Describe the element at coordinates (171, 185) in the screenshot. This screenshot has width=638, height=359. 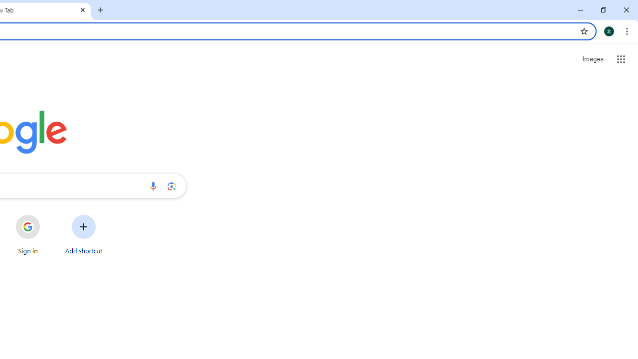
I see `'Search by image'` at that location.